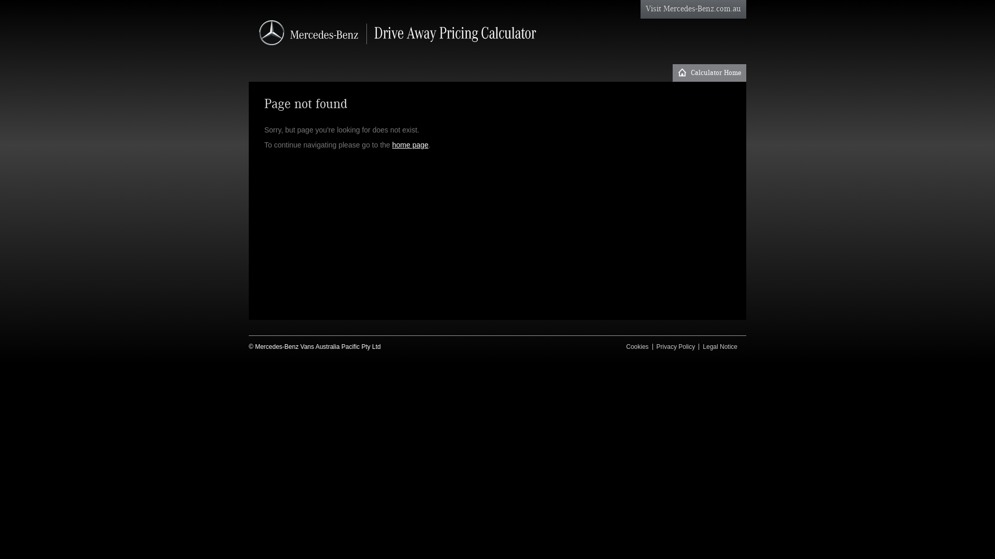 The image size is (995, 559). Describe the element at coordinates (672, 72) in the screenshot. I see `'Calculator Home'` at that location.